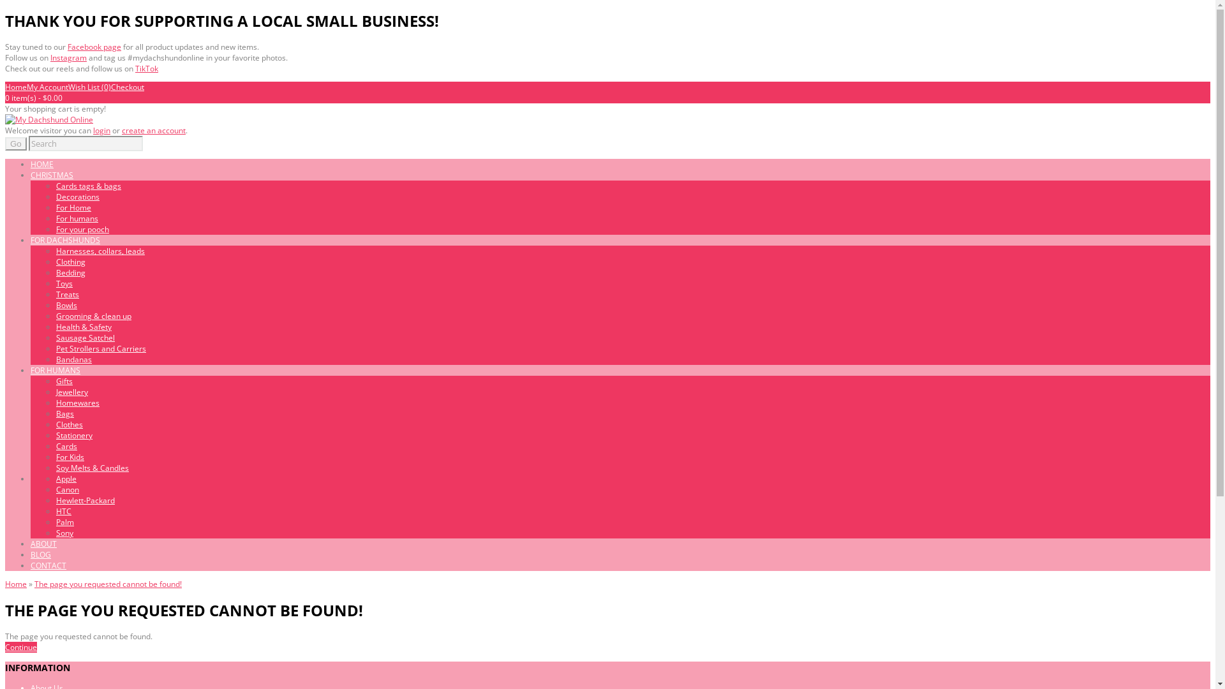  What do you see at coordinates (64, 533) in the screenshot?
I see `'Sony'` at bounding box center [64, 533].